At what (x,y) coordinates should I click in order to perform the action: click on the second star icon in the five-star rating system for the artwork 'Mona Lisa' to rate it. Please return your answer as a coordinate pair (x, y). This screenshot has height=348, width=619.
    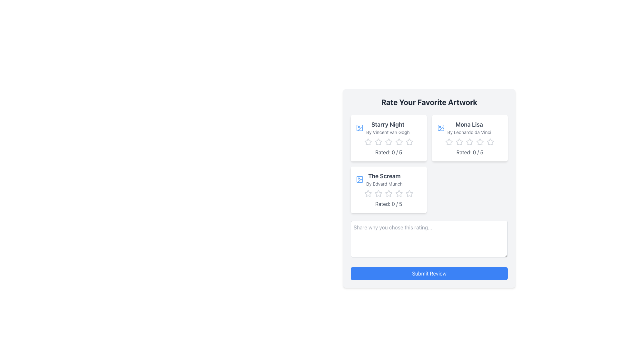
    Looking at the image, I should click on (470, 141).